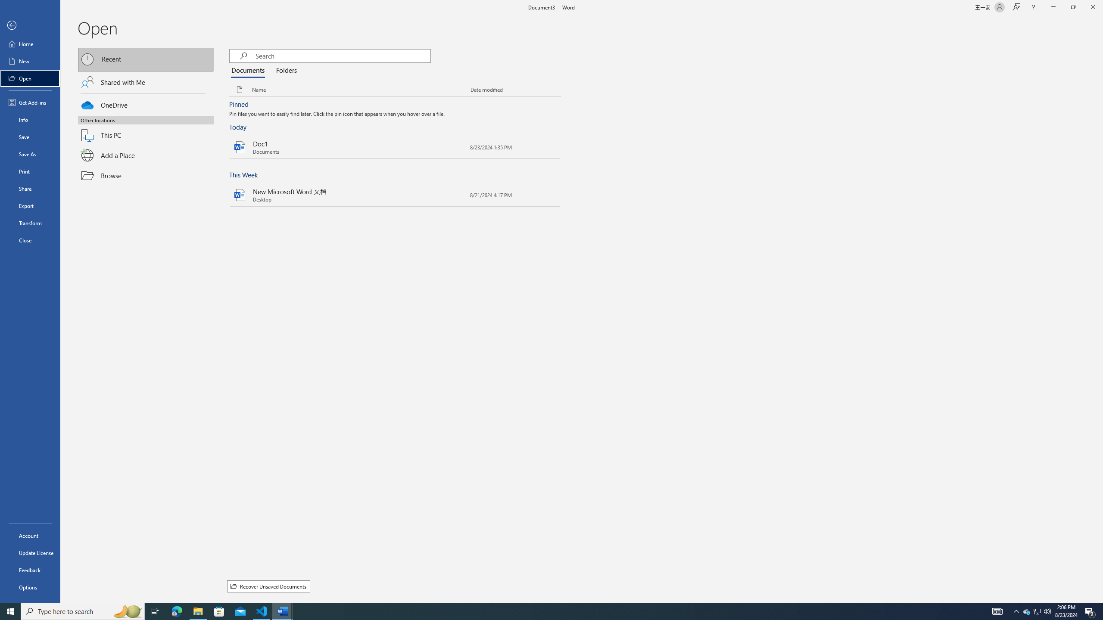 The image size is (1103, 620). I want to click on 'Back', so click(30, 25).